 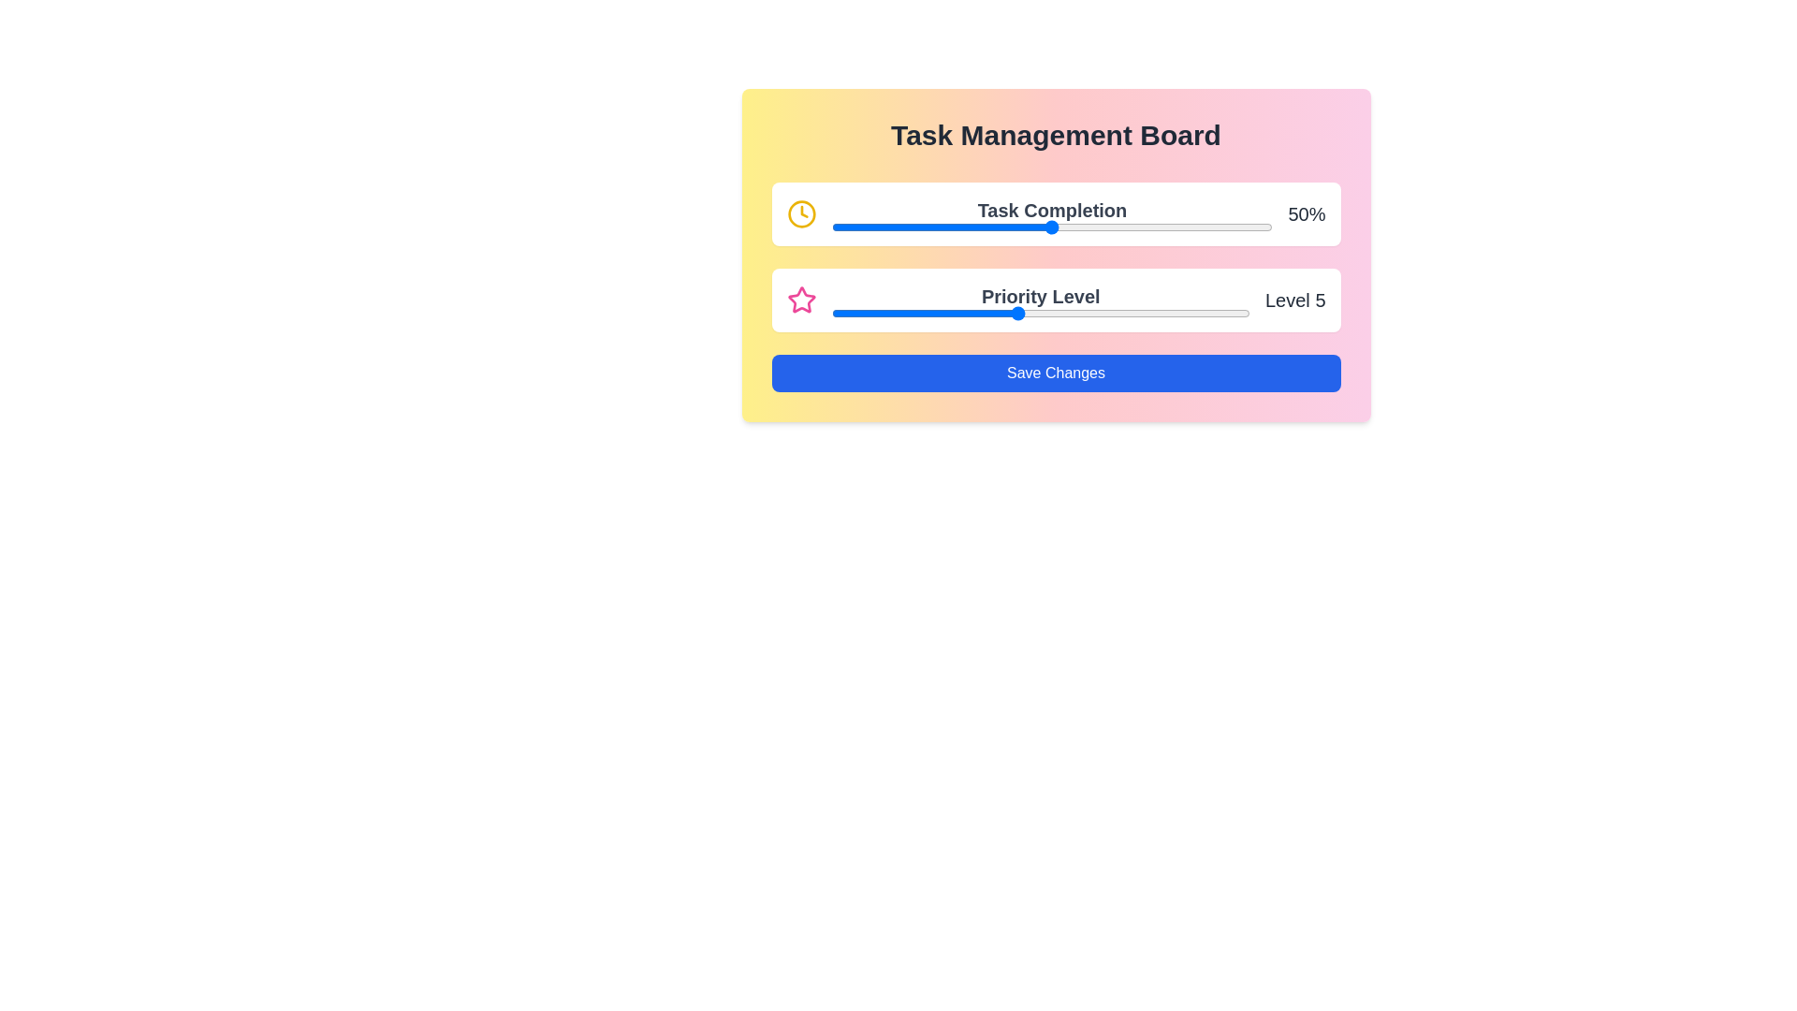 I want to click on the progress bar in the 'Task Management Board' section, so click(x=1052, y=212).